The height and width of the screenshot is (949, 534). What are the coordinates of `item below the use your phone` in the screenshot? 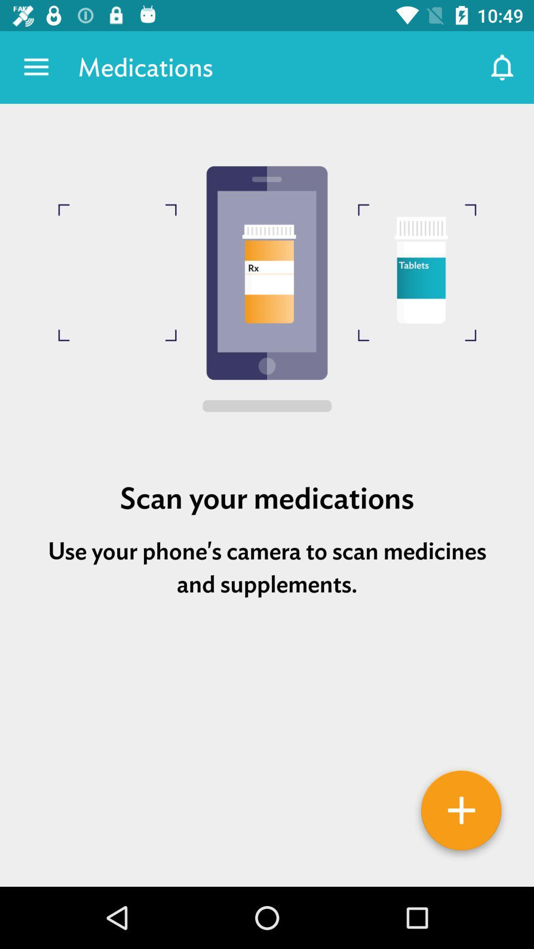 It's located at (461, 814).